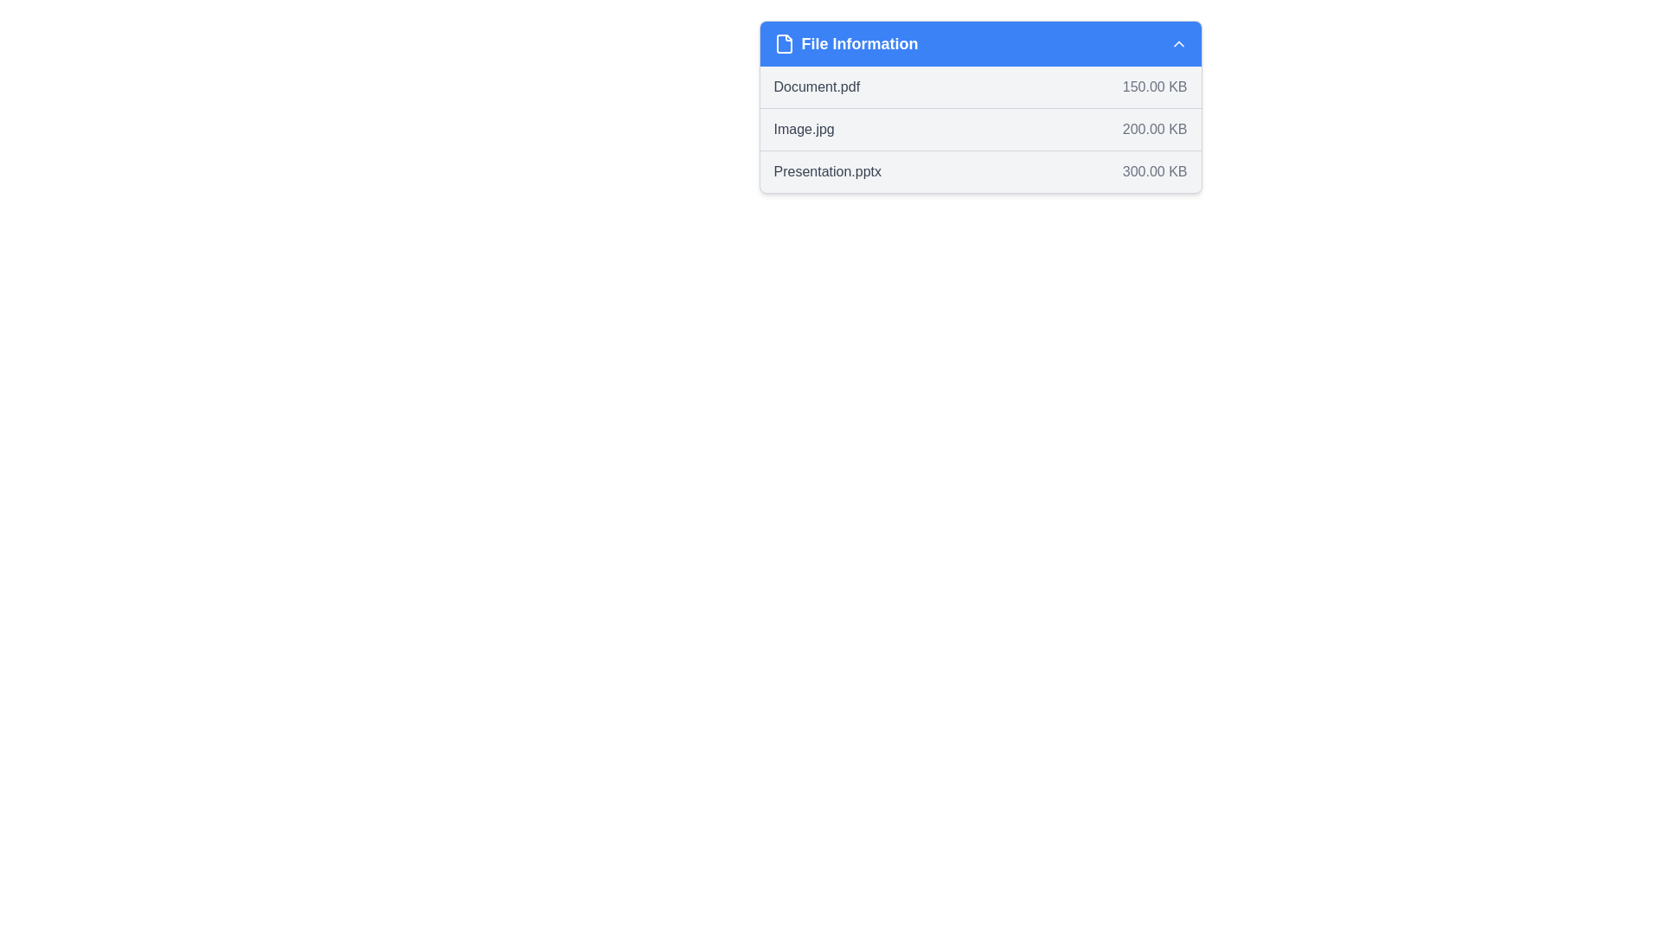 The image size is (1661, 934). I want to click on the text label displaying the file name 'Presentation.pptx' located in the third row of the 'File Information' section, to the left of the size information, so click(826, 172).